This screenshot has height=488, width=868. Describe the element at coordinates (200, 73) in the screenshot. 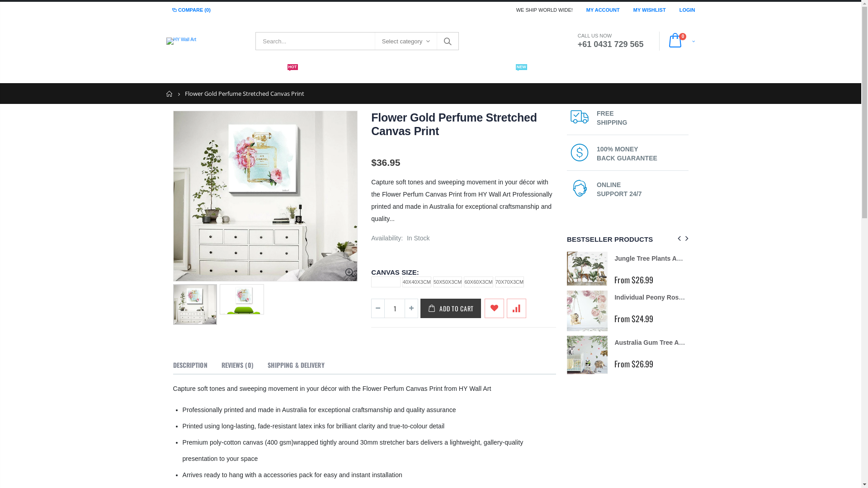

I see `'FEATURED'` at that location.